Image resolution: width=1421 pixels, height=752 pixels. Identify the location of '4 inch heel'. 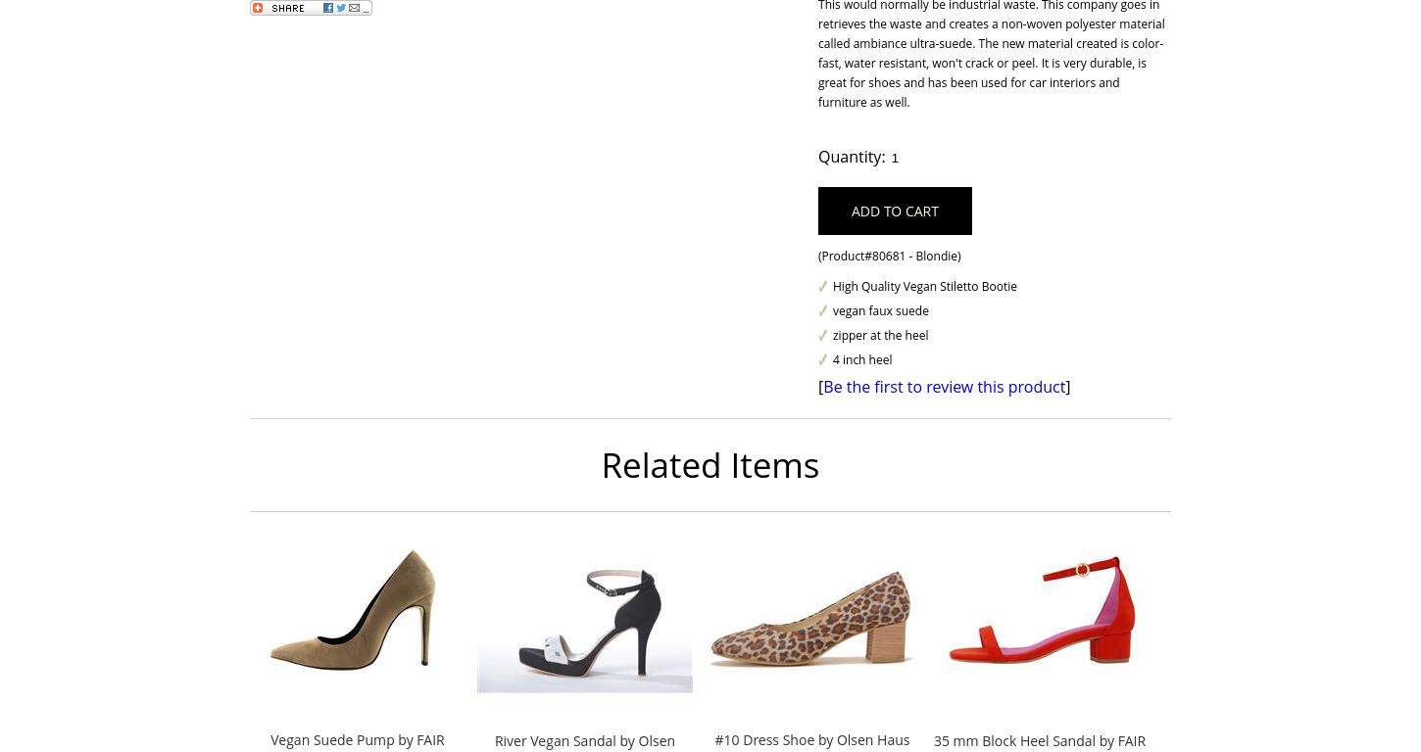
(861, 359).